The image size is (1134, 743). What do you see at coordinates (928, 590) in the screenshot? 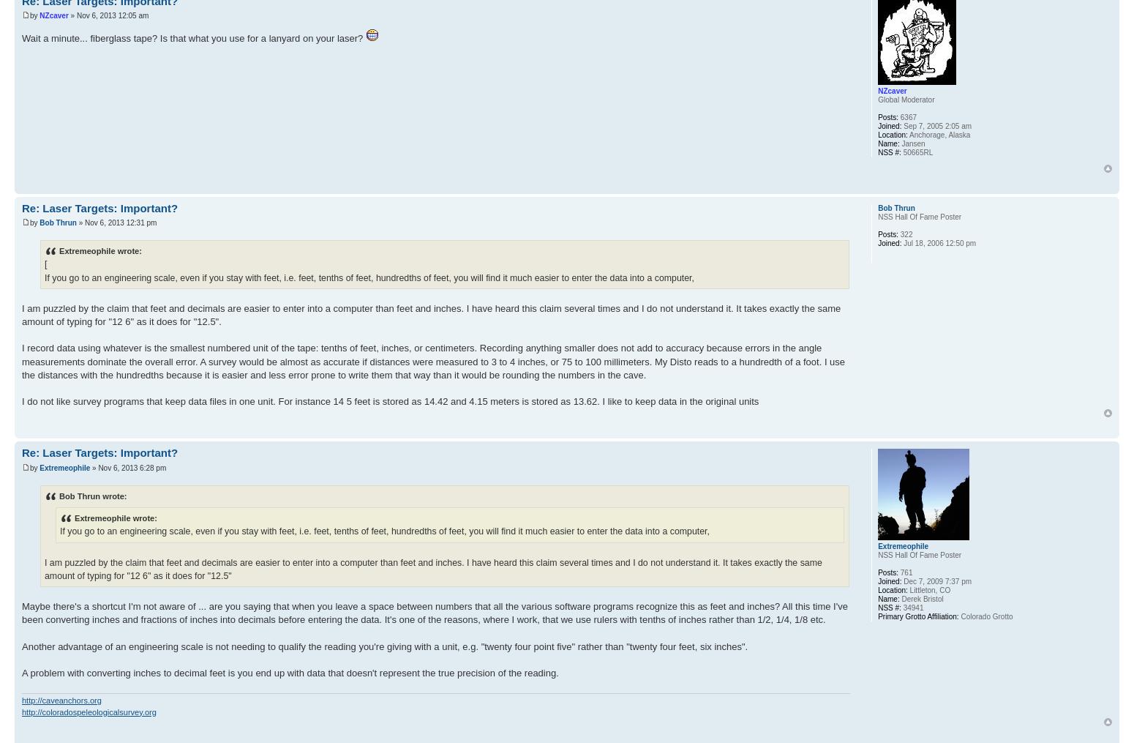
I see `'Littleton, CO'` at bounding box center [928, 590].